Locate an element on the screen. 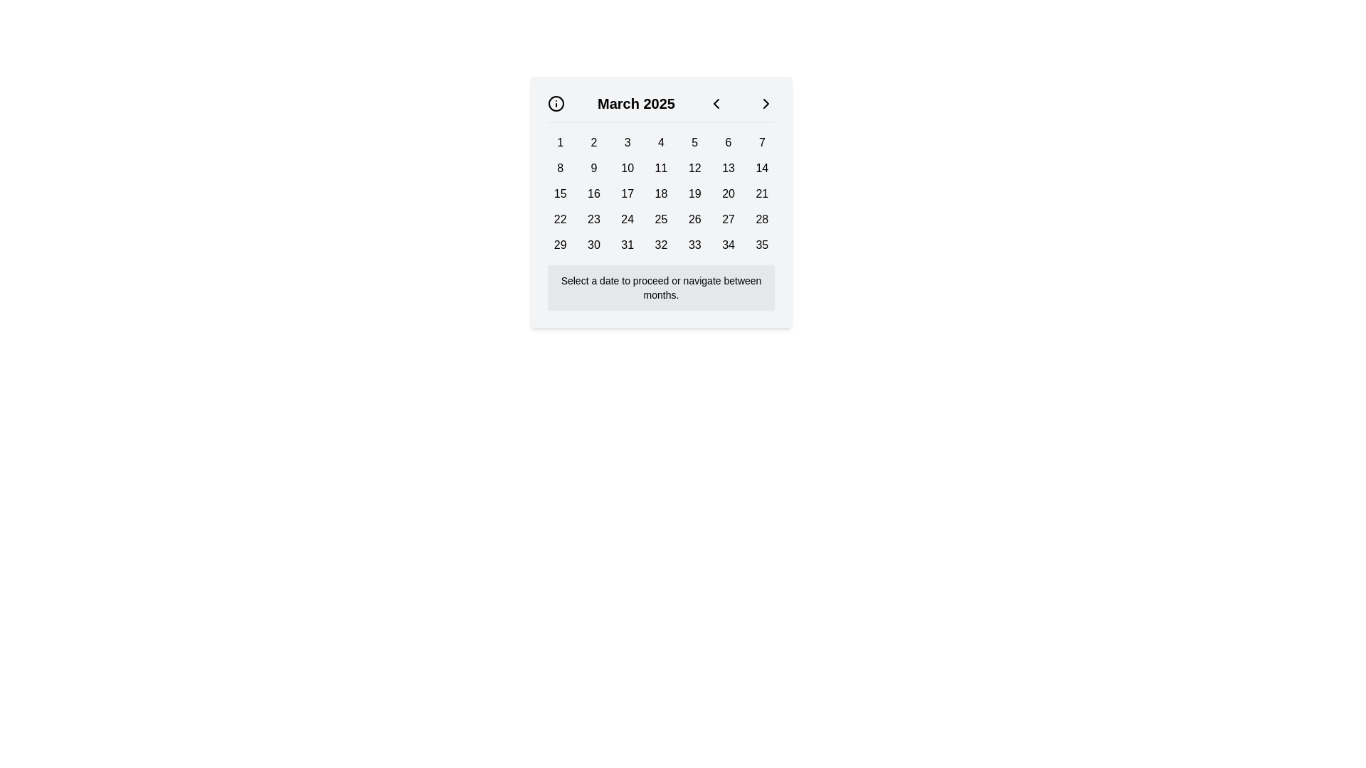 This screenshot has width=1366, height=768. the button displaying the number '19' in the calendar grid for March 2025 is located at coordinates (694, 194).